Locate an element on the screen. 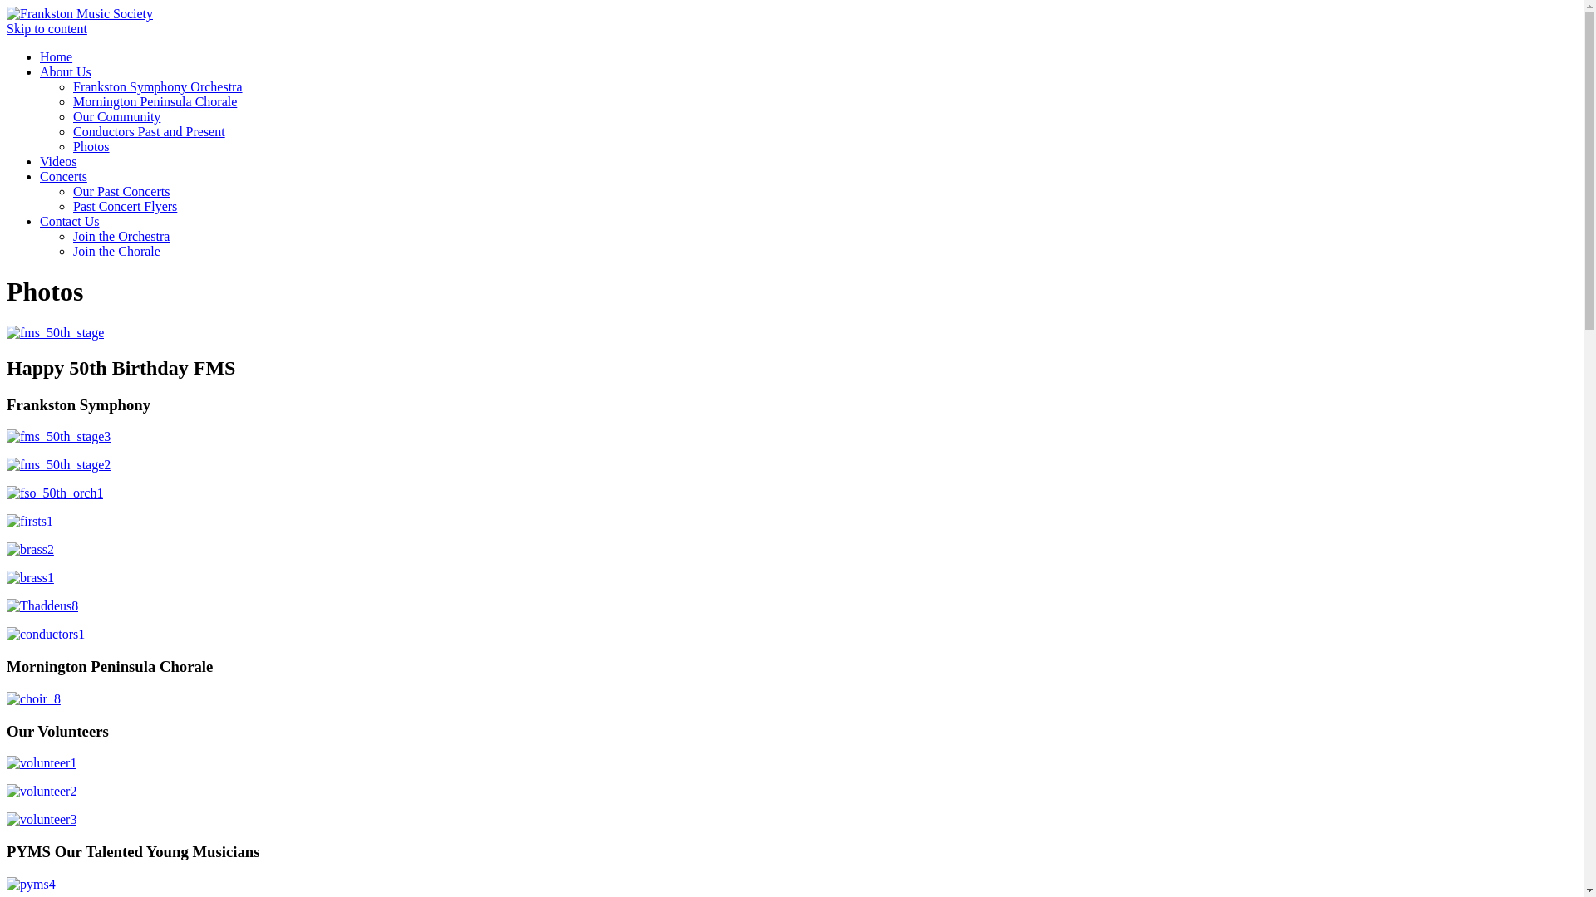 This screenshot has height=897, width=1596. 'About Us' is located at coordinates (65, 71).